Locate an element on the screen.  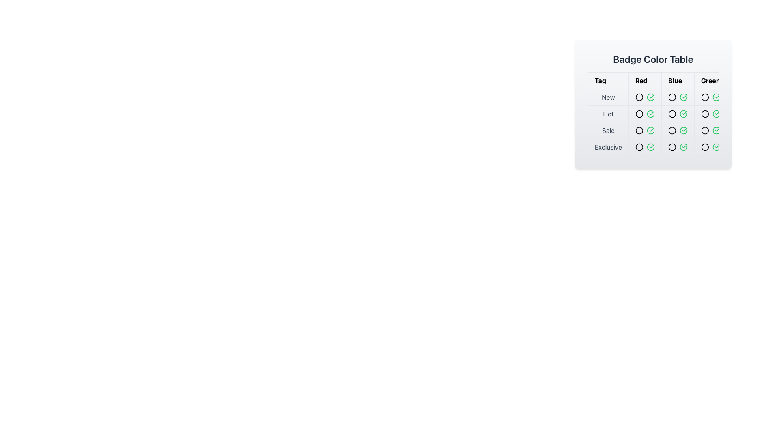
the Icon indicating the 'Red' status for the 'Exclusive' tag located in the bottom-most row of the 'Badge Color Table' is located at coordinates (639, 147).